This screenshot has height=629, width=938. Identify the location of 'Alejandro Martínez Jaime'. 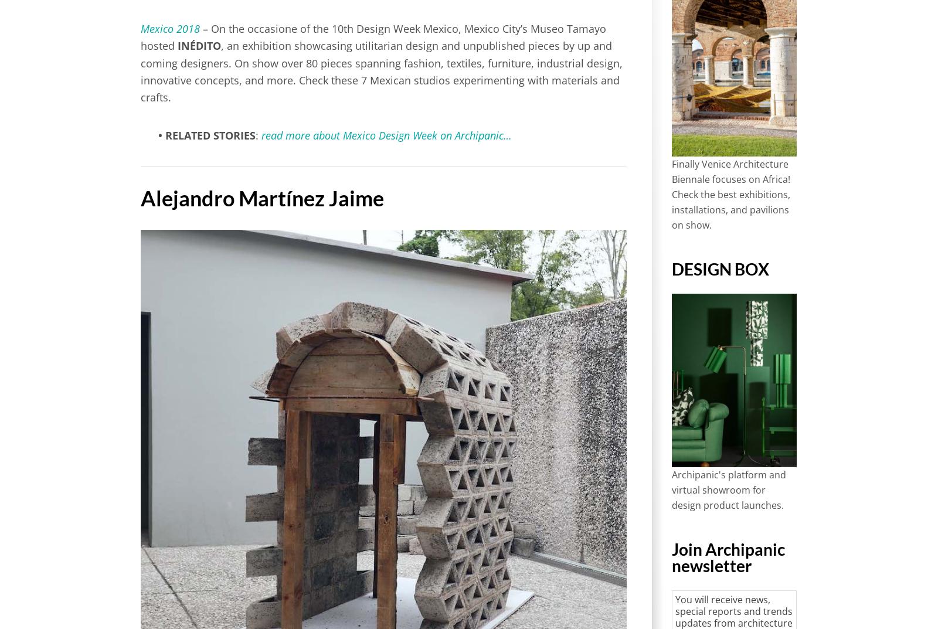
(261, 198).